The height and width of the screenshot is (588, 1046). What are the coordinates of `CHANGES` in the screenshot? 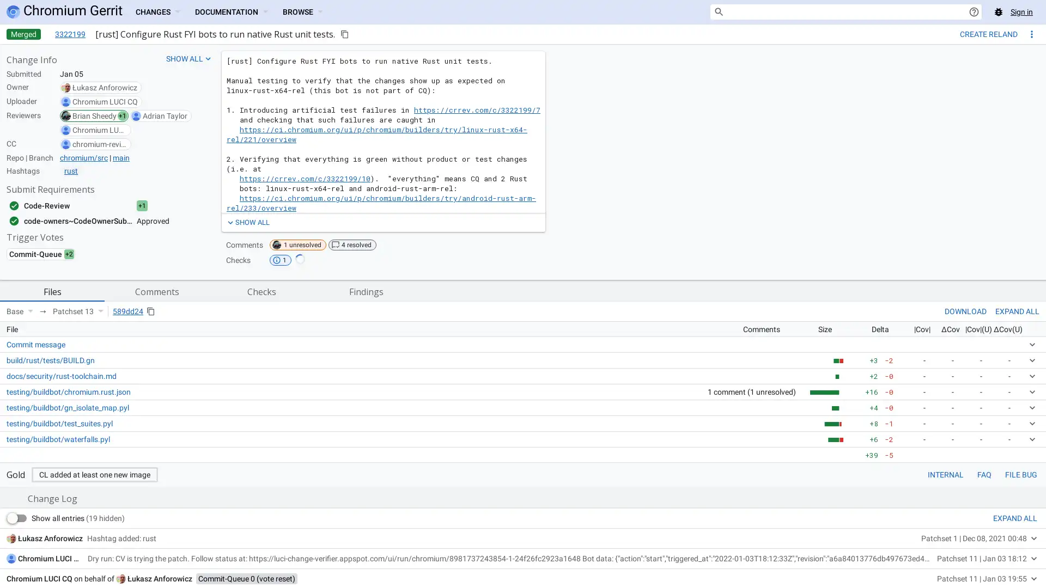 It's located at (156, 12).